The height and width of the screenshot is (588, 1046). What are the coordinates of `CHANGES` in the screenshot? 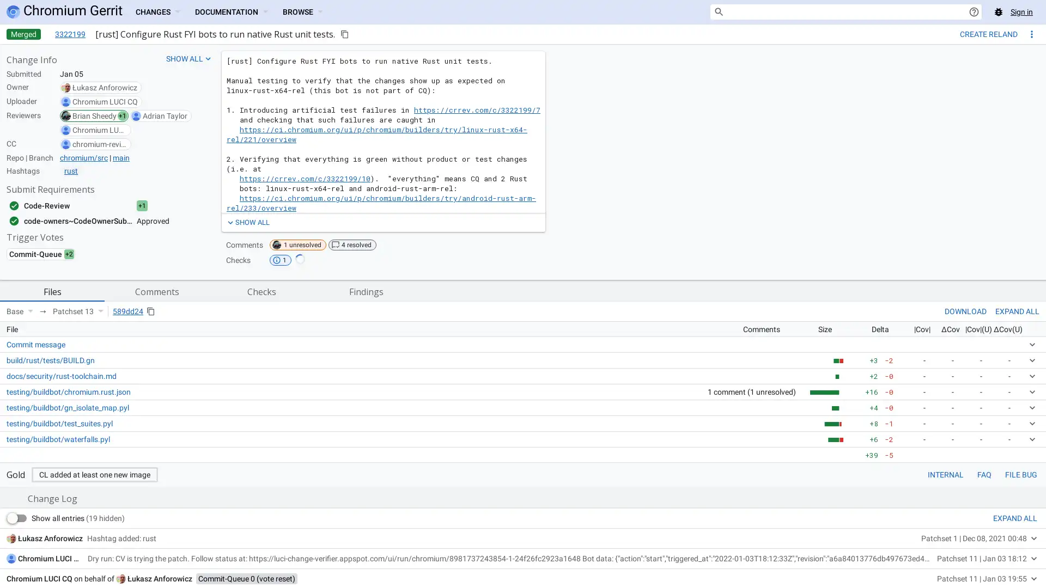 It's located at (156, 12).